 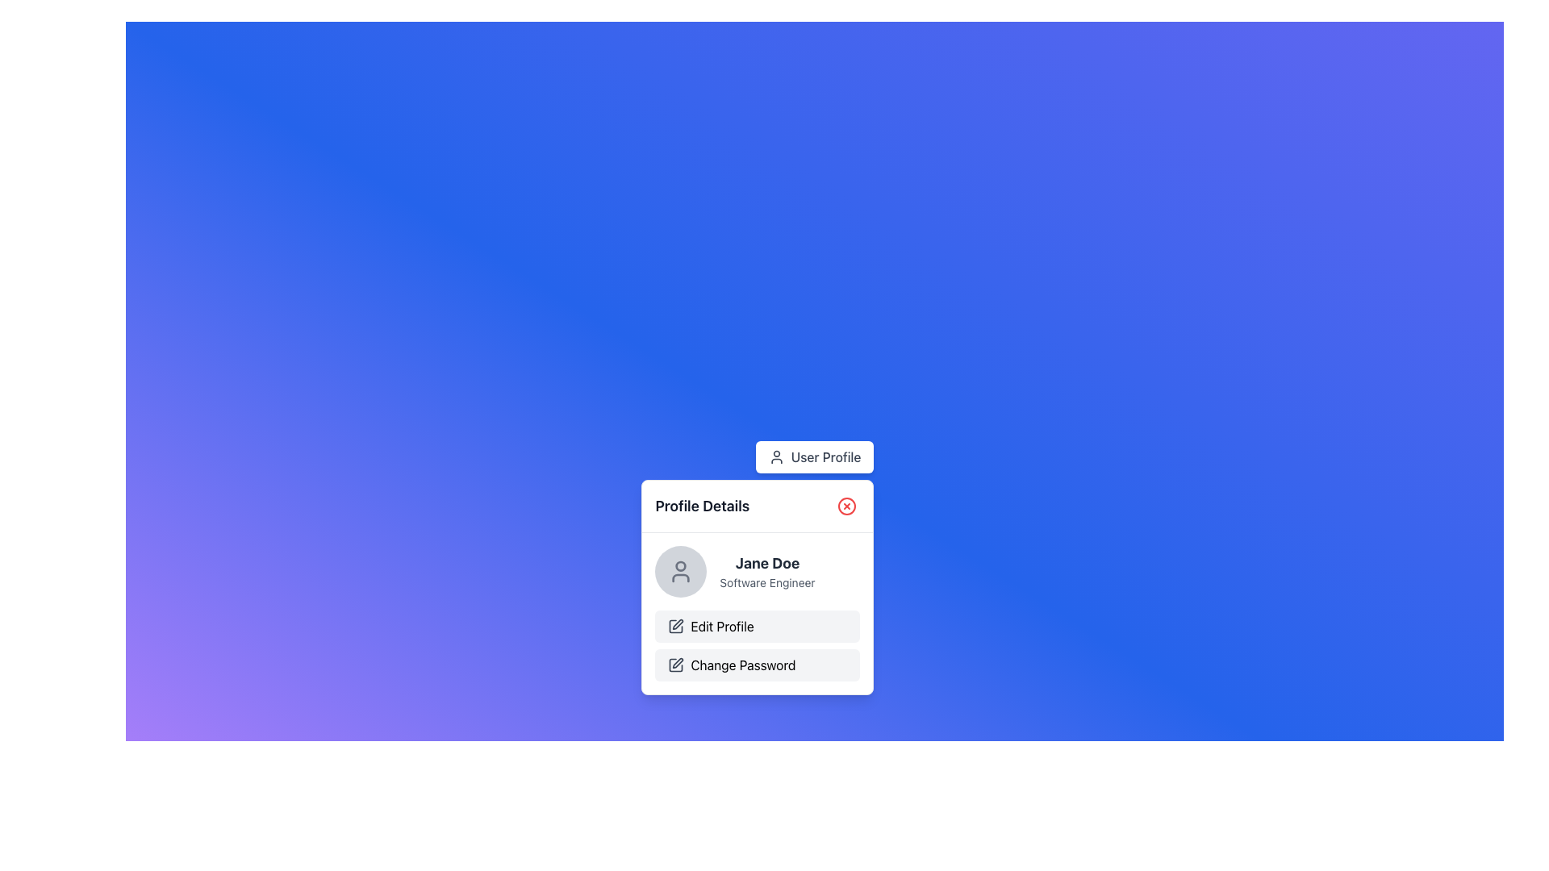 What do you see at coordinates (757, 625) in the screenshot?
I see `the first button in the profile interface` at bounding box center [757, 625].